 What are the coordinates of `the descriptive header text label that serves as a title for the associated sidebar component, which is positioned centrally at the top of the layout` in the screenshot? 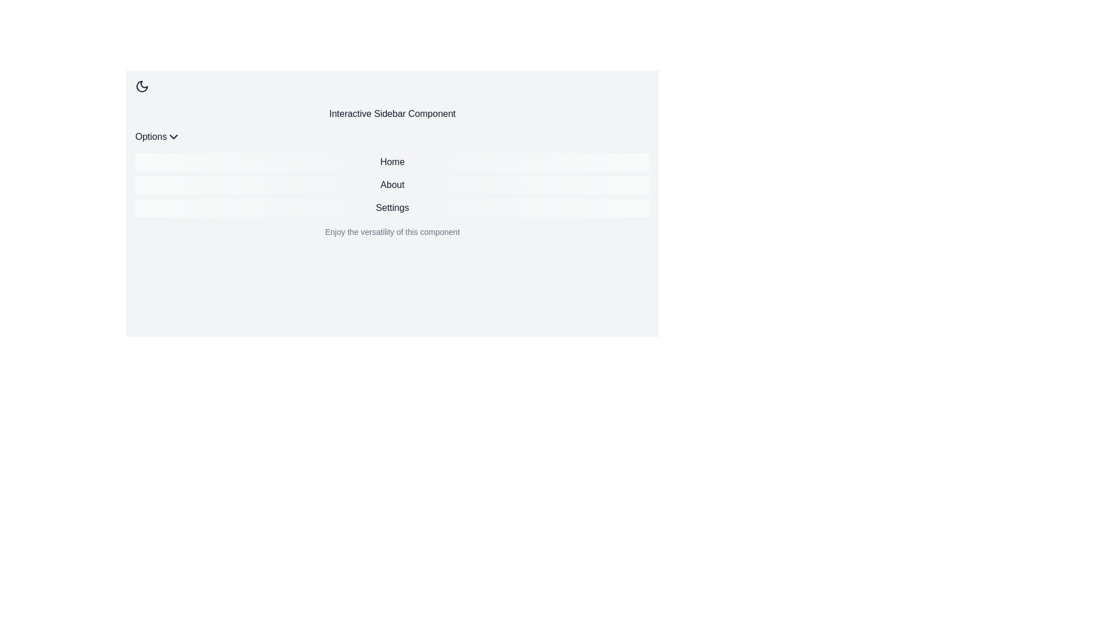 It's located at (392, 114).